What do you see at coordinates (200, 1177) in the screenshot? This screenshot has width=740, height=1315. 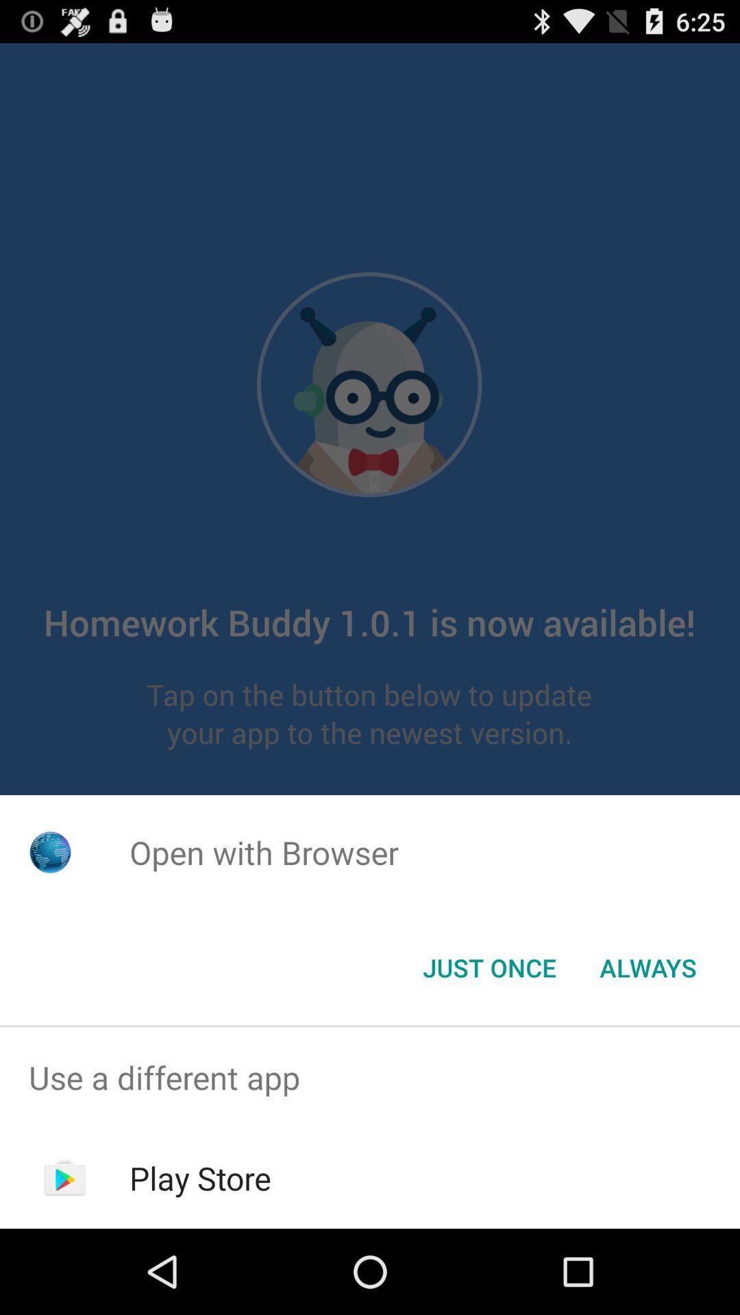 I see `play store` at bounding box center [200, 1177].